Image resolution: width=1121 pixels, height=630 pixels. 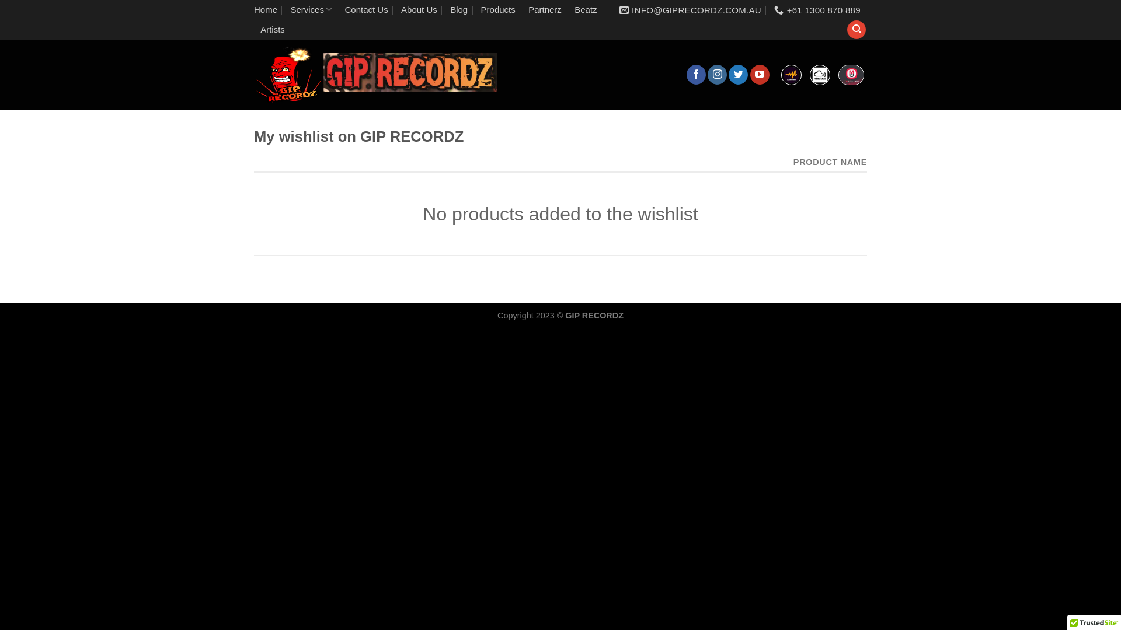 I want to click on 'INFO@GIPRECORDZ.COM.AU', so click(x=690, y=10).